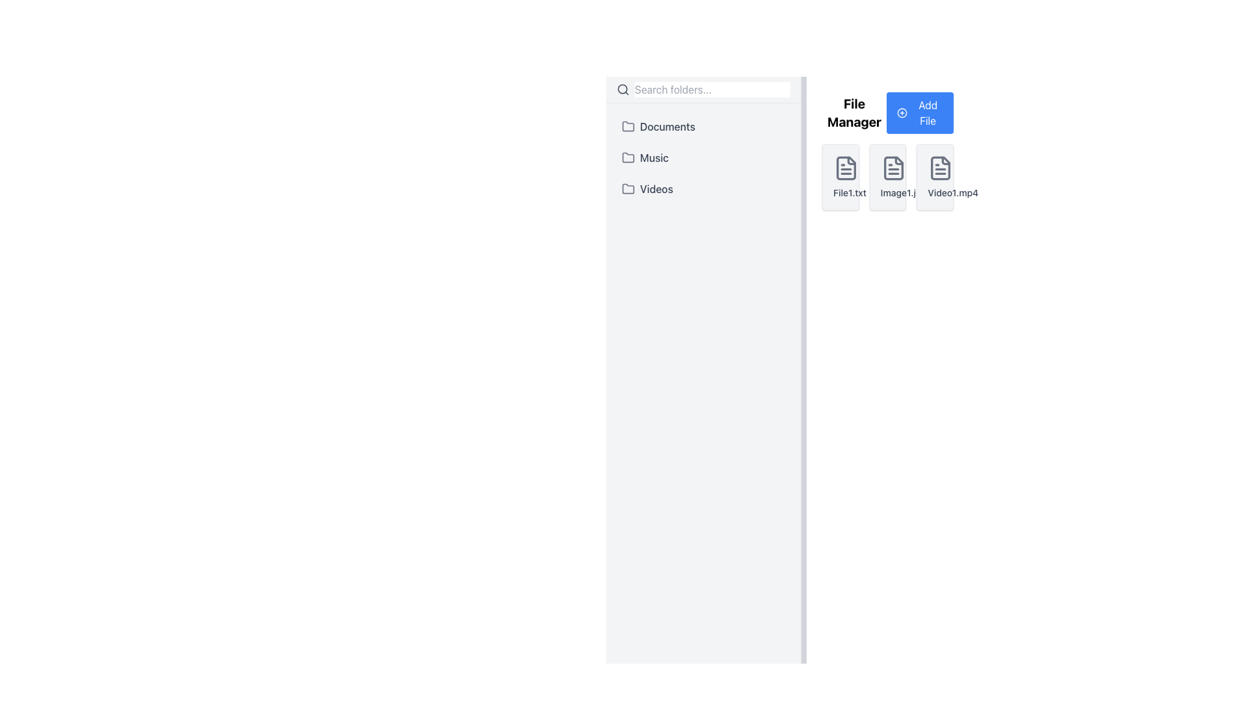 This screenshot has width=1249, height=702. Describe the element at coordinates (893, 167) in the screenshot. I see `the main body of the file icon represented by a rectangular shape with rounded corners, located in the second position among three file icons` at that location.